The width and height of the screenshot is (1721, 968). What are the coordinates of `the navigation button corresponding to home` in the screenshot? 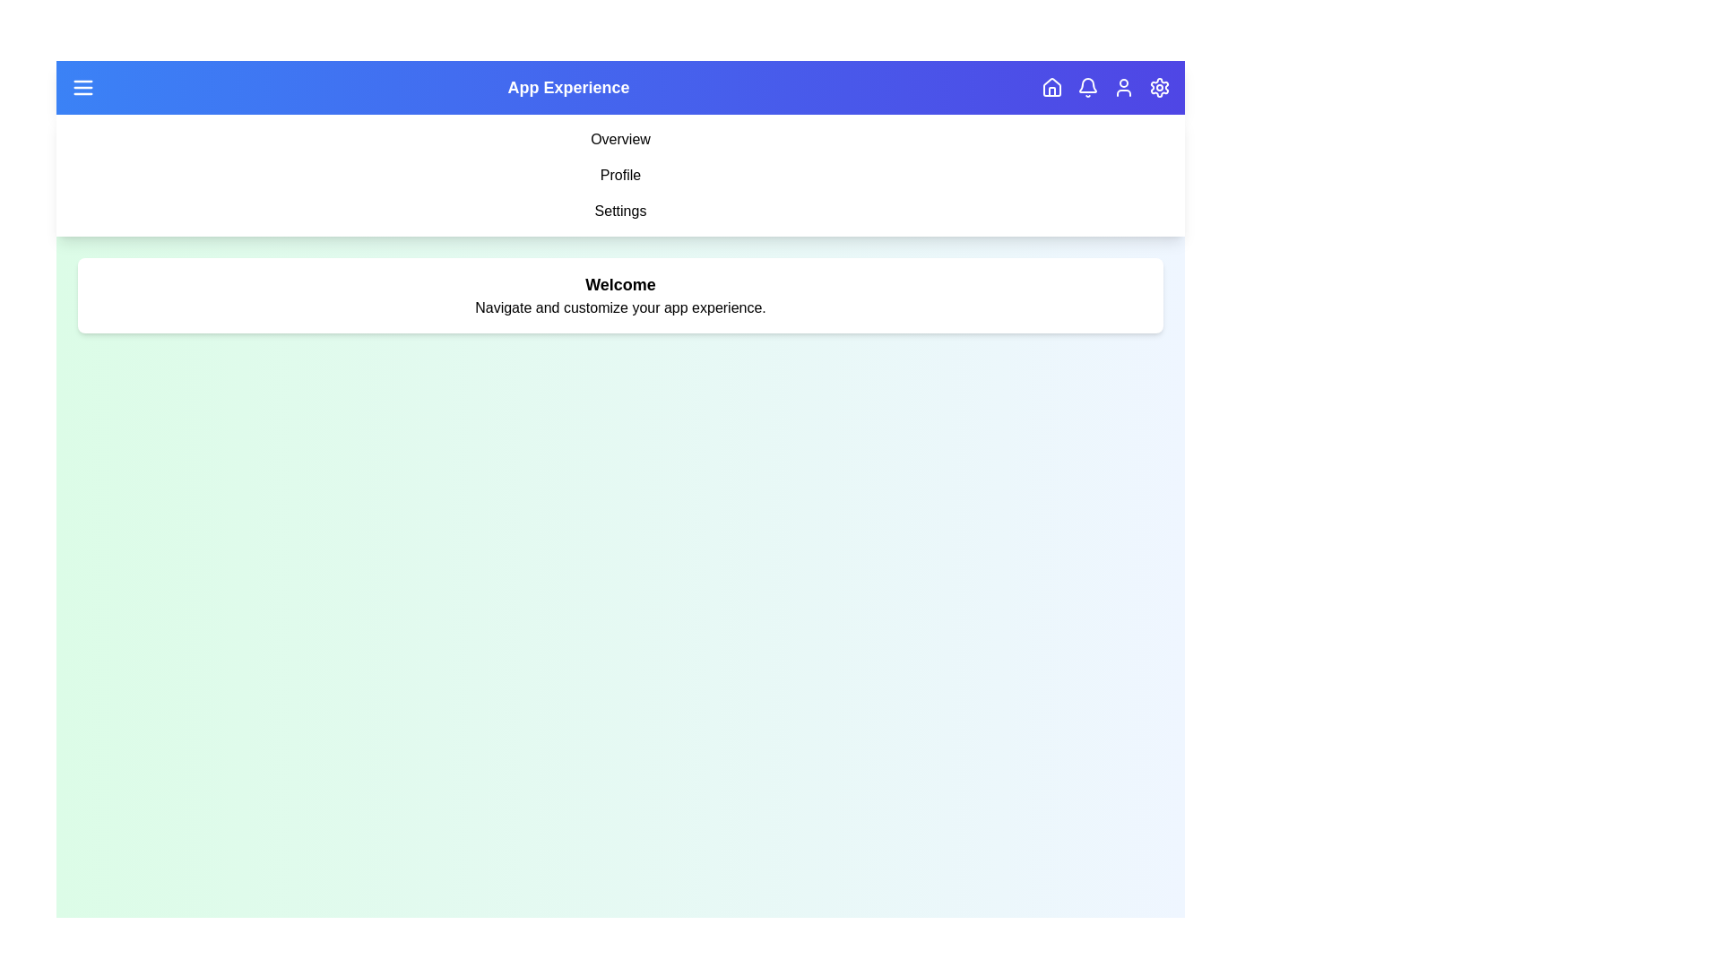 It's located at (1051, 87).